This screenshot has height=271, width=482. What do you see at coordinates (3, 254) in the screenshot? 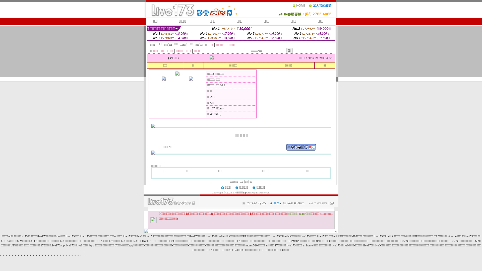
I see `'.'` at bounding box center [3, 254].